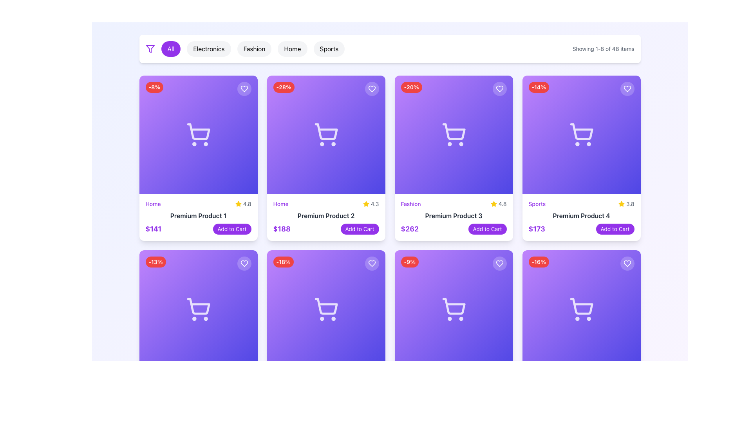 Image resolution: width=752 pixels, height=423 pixels. I want to click on the Text Label with Icon displaying the rating '3.8' located in the bottom-right corner of the 'Sports' card, immediately to the right of the star icon, so click(626, 203).